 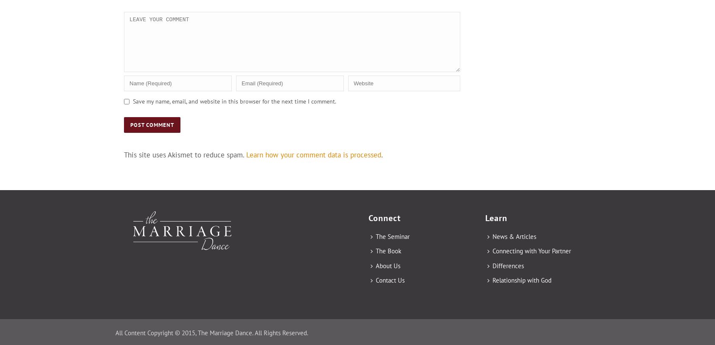 I want to click on 'News & Articles', so click(x=514, y=236).